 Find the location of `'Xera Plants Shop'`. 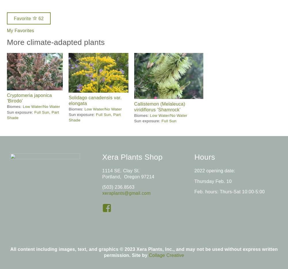

'Xera Plants Shop' is located at coordinates (102, 157).